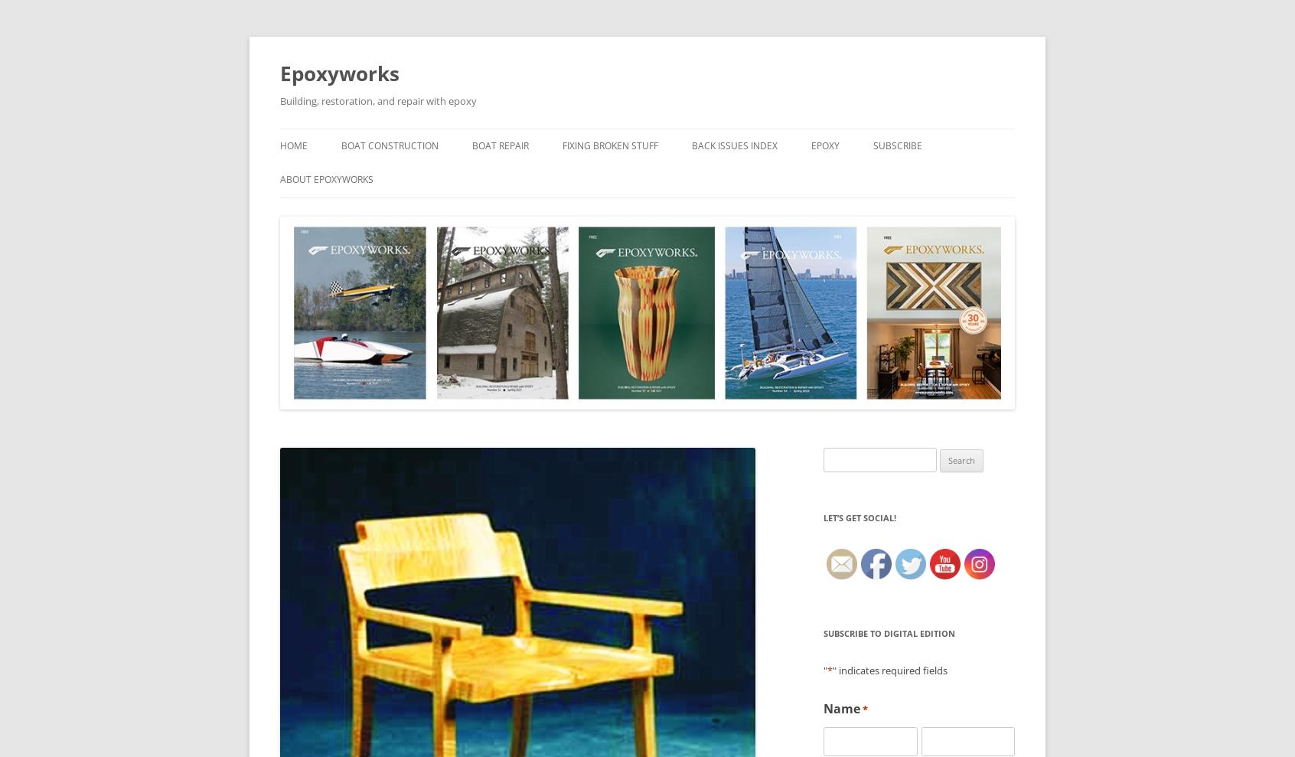 Image resolution: width=1295 pixels, height=757 pixels. I want to click on '"', so click(825, 670).